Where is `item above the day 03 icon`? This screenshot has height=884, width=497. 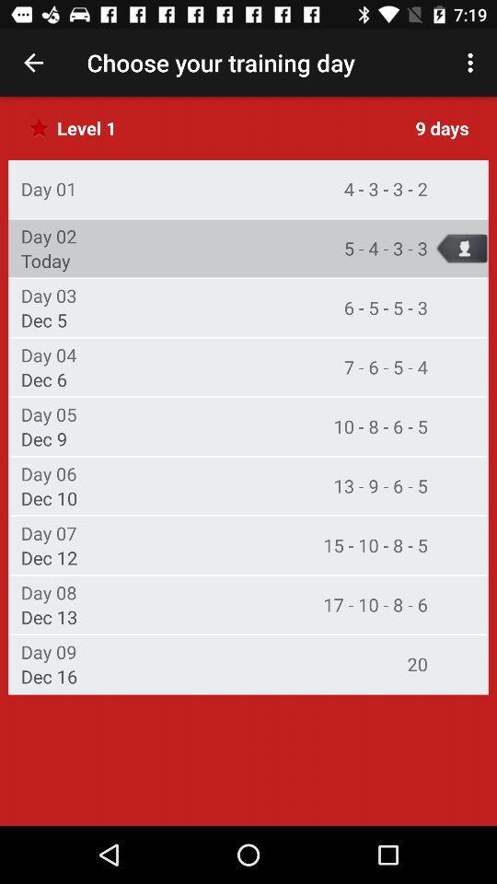
item above the day 03 icon is located at coordinates (45, 260).